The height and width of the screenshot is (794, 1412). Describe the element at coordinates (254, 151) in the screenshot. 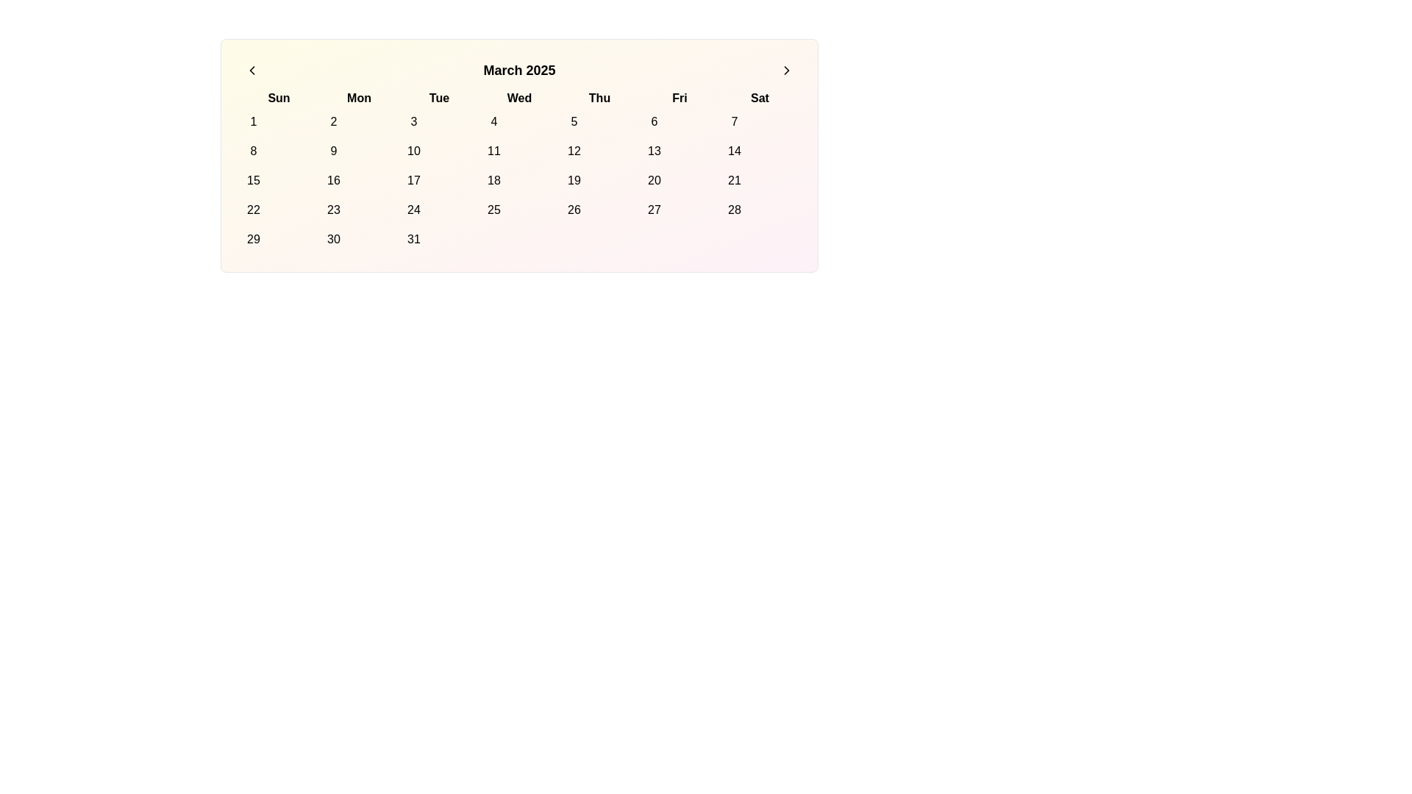

I see `the circular button displaying the number '8' in the second row and first column of the calendar grid` at that location.